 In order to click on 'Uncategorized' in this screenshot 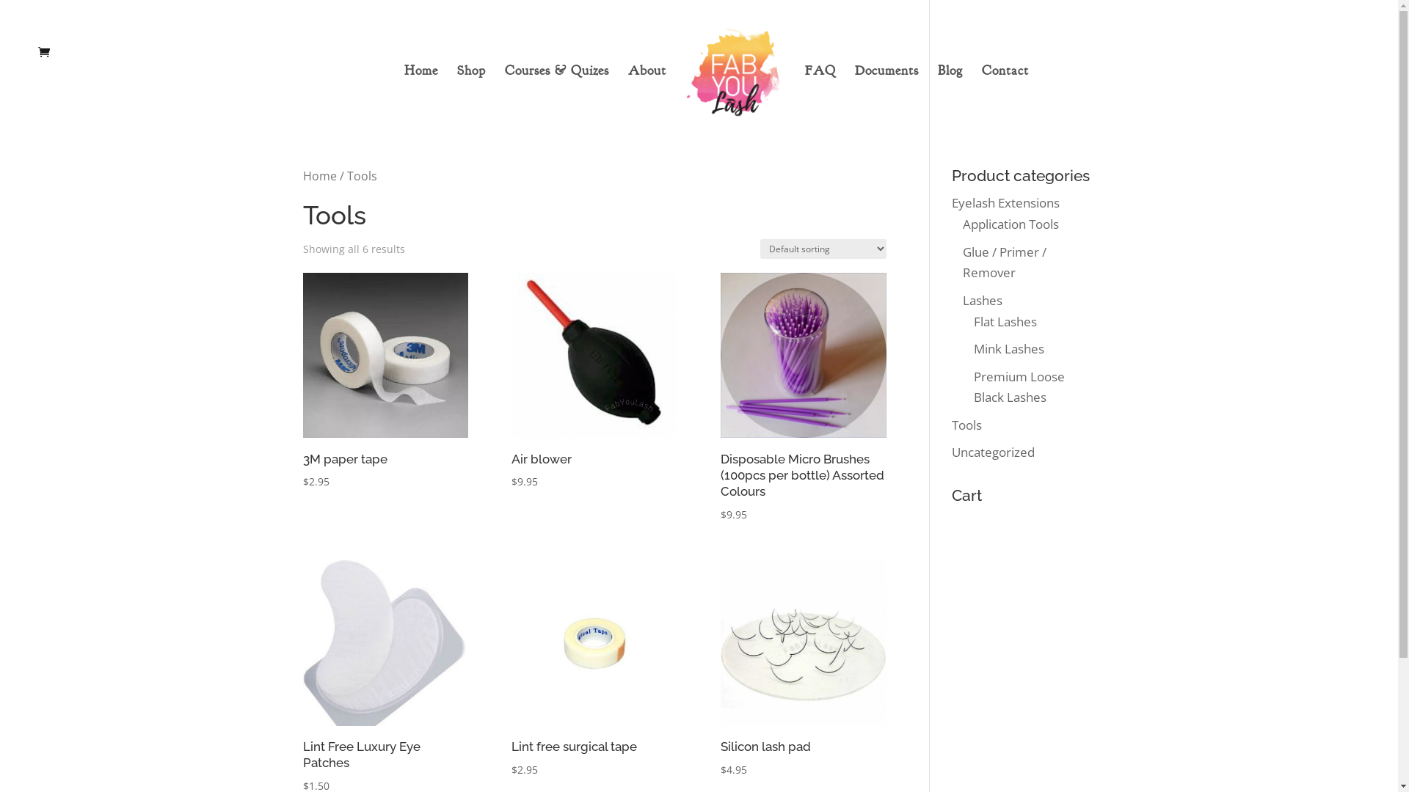, I will do `click(993, 451)`.